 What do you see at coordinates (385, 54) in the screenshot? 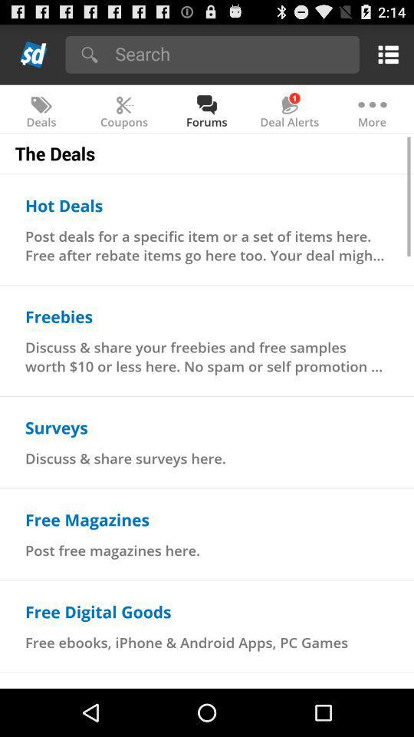
I see `show options` at bounding box center [385, 54].